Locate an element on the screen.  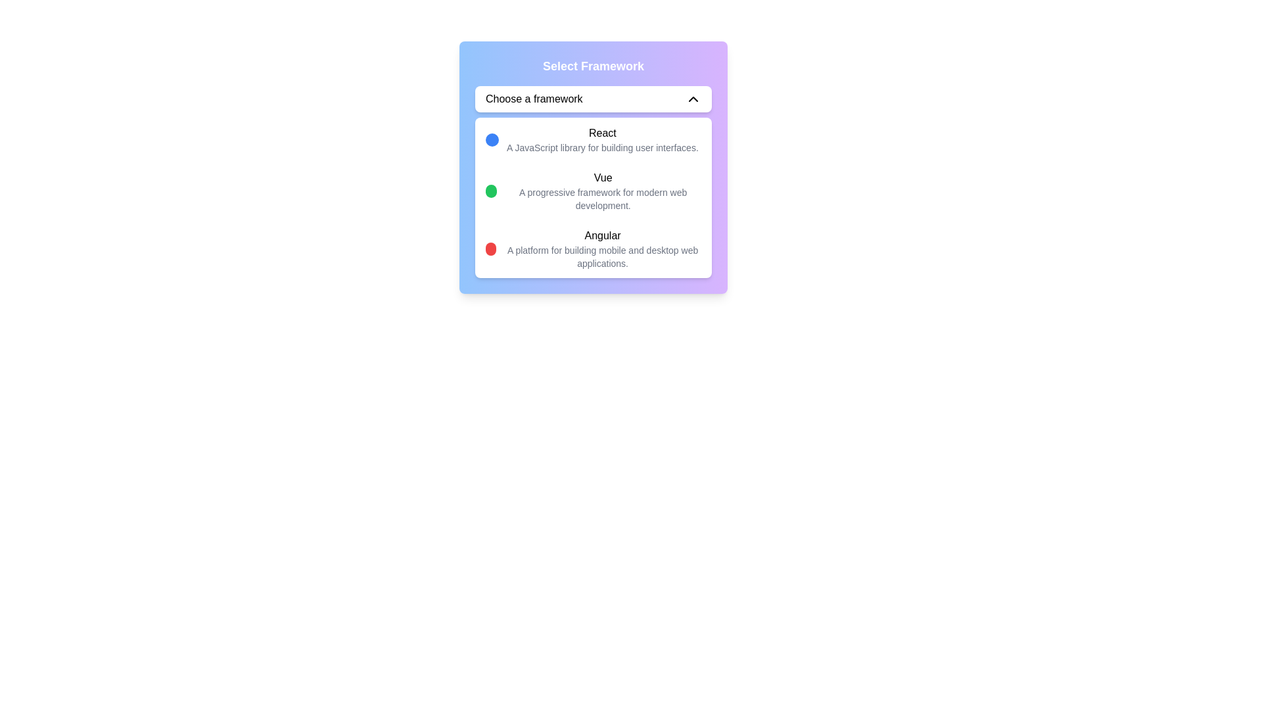
the Dropdown selector for web development framework options is located at coordinates (592, 166).